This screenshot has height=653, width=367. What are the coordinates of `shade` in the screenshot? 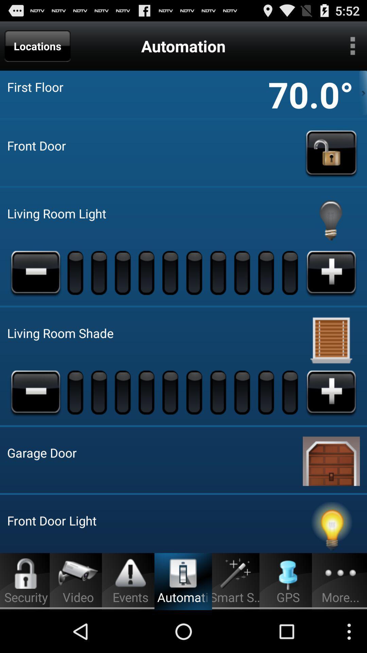 It's located at (331, 340).